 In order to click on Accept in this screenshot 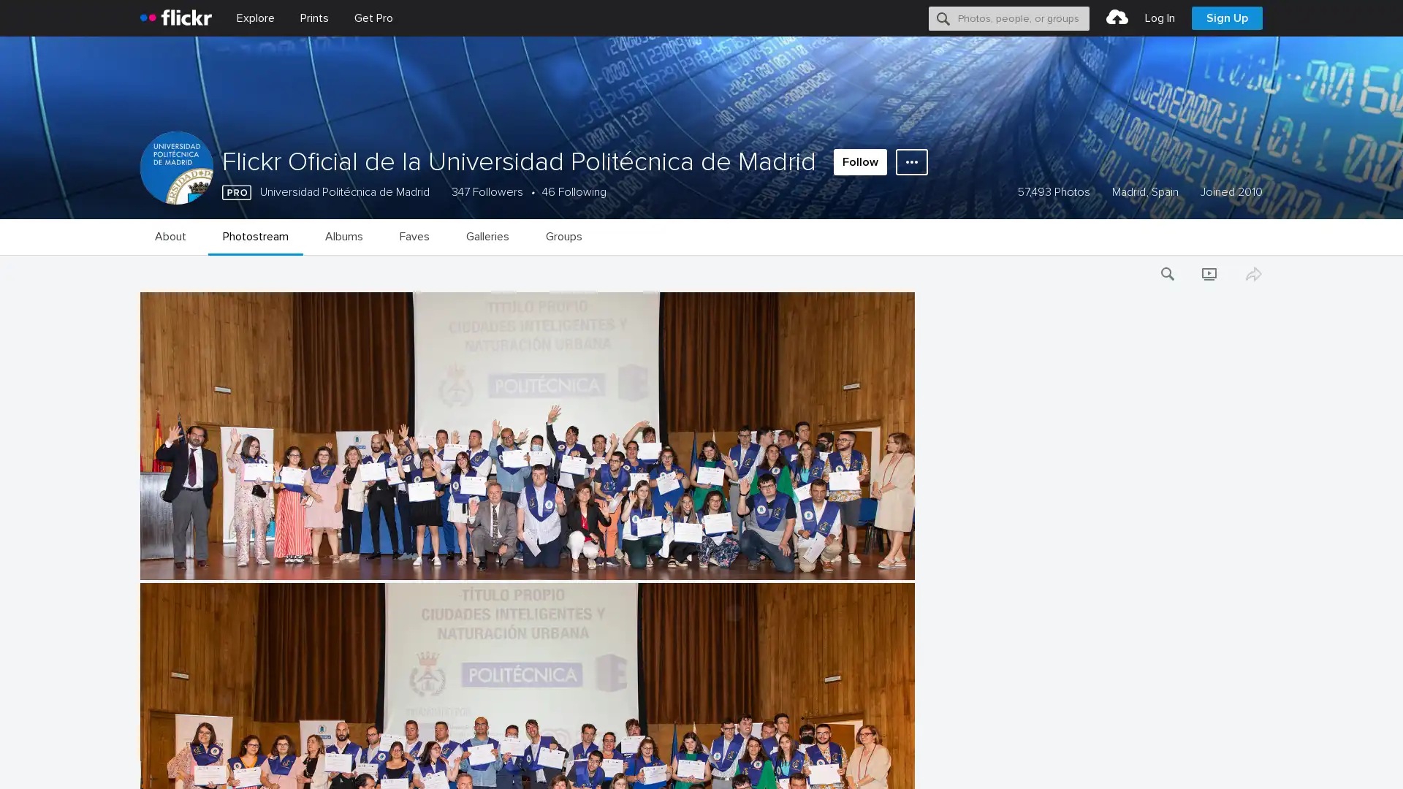, I will do `click(1114, 761)`.